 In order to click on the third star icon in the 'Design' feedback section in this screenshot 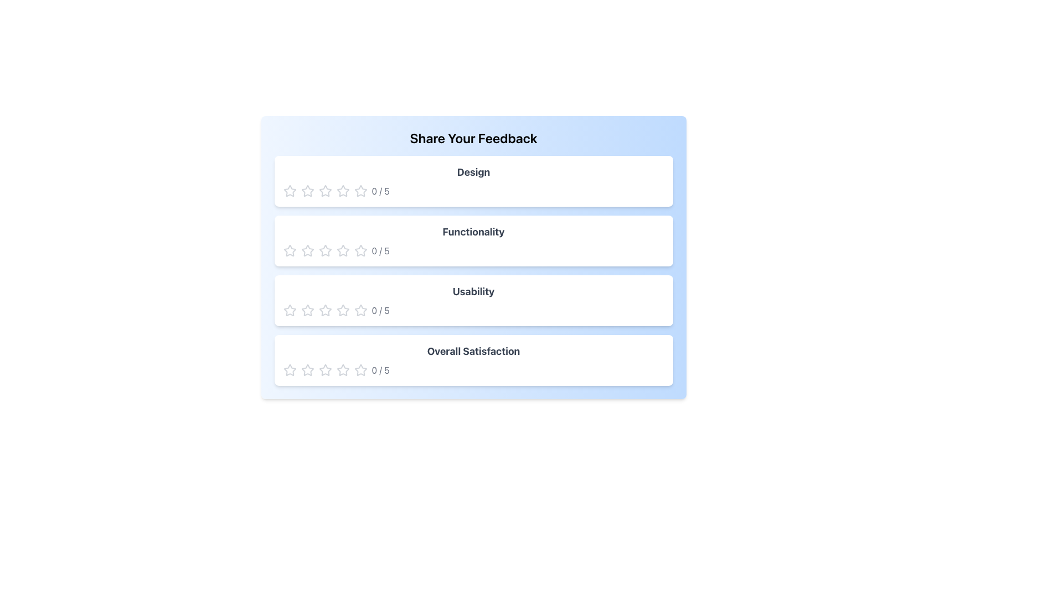, I will do `click(324, 191)`.